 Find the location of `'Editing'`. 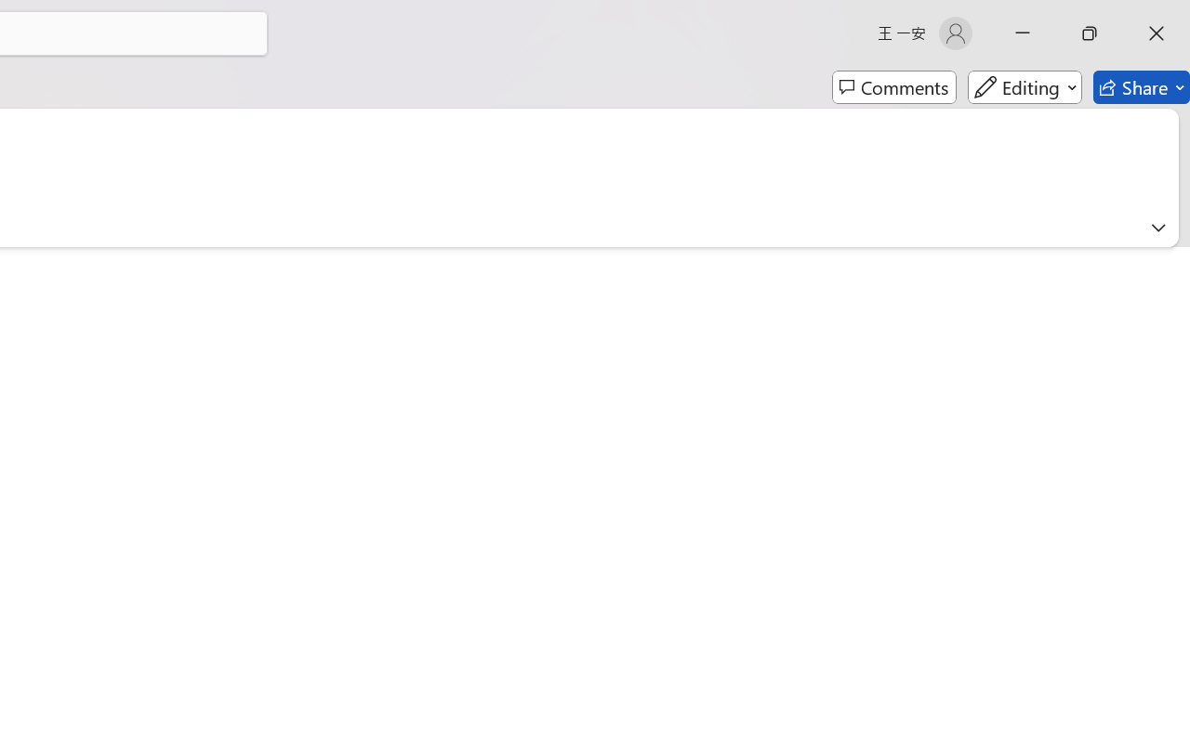

'Editing' is located at coordinates (1024, 87).